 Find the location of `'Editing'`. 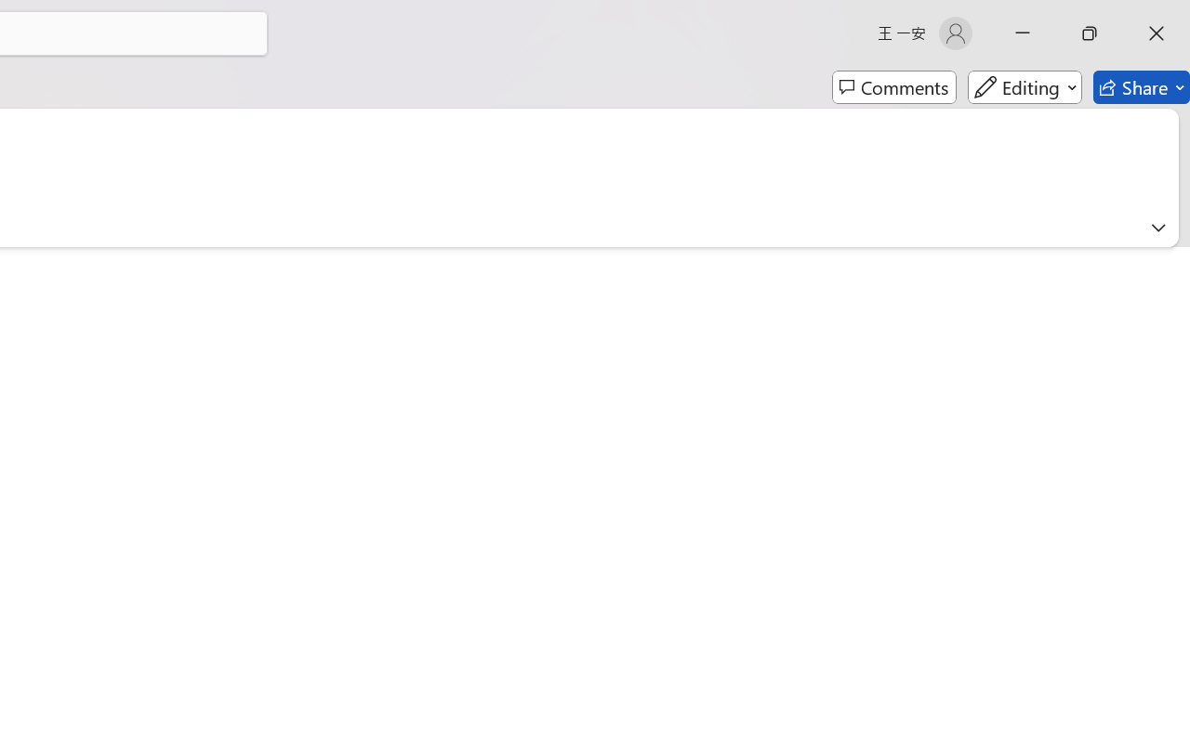

'Editing' is located at coordinates (1024, 87).